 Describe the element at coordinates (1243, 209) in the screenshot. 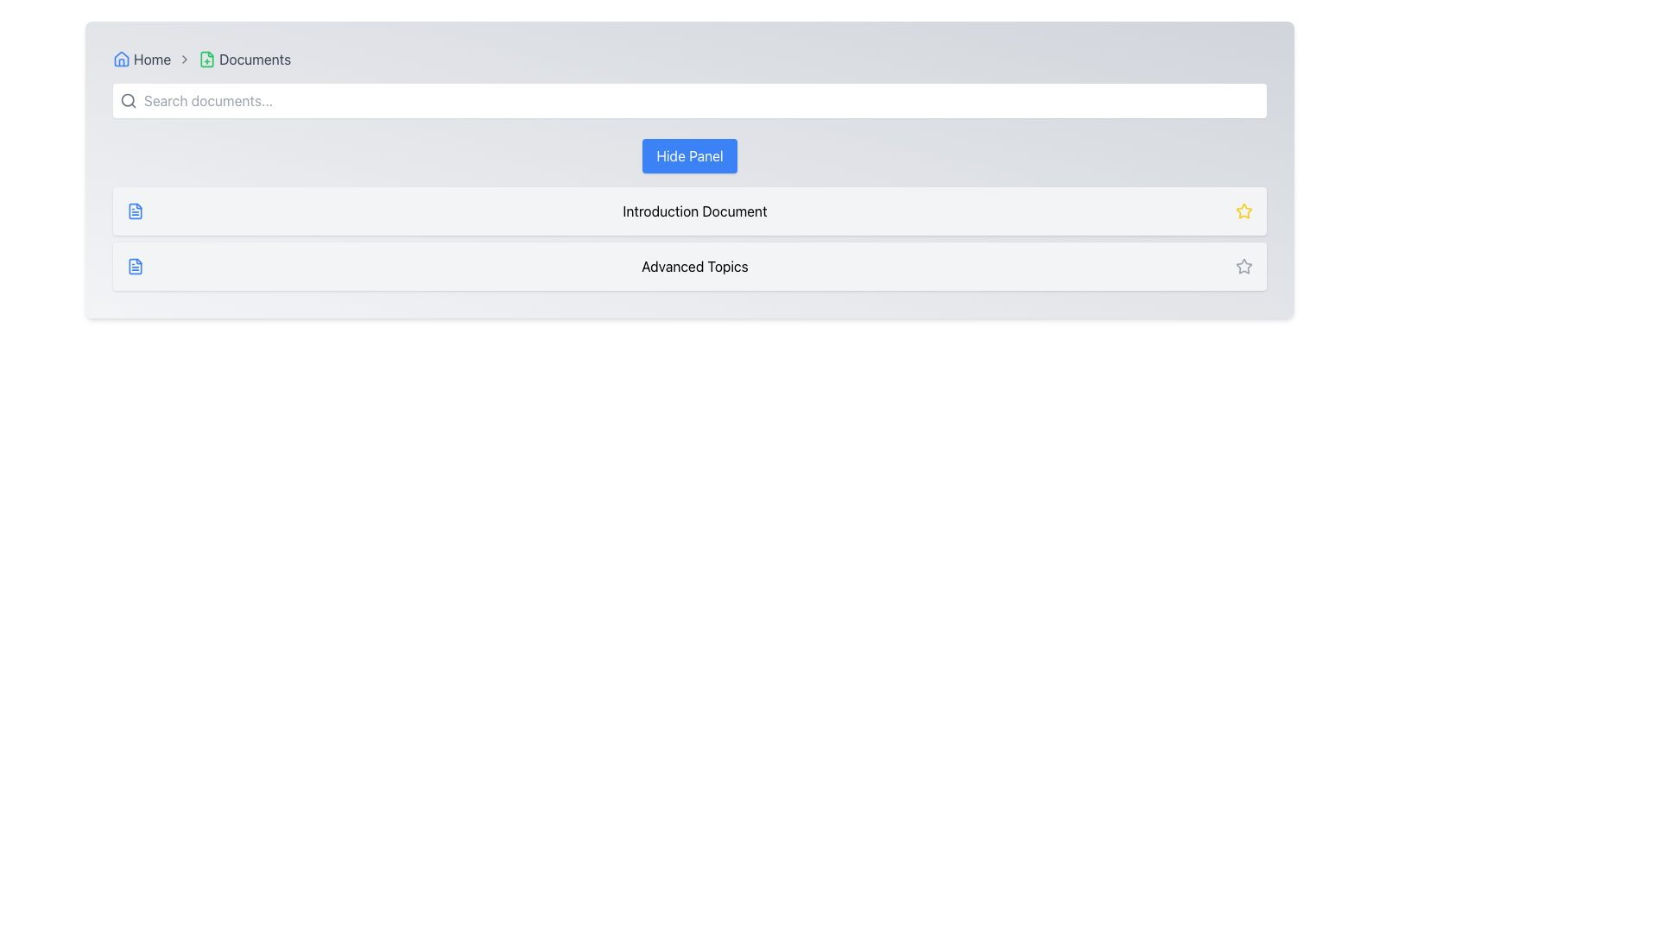

I see `the interactive icon used to mark or highlight items, located on the right side of the 'Advanced Topics' row, which is the last icon in the group adjacent to the document name` at that location.